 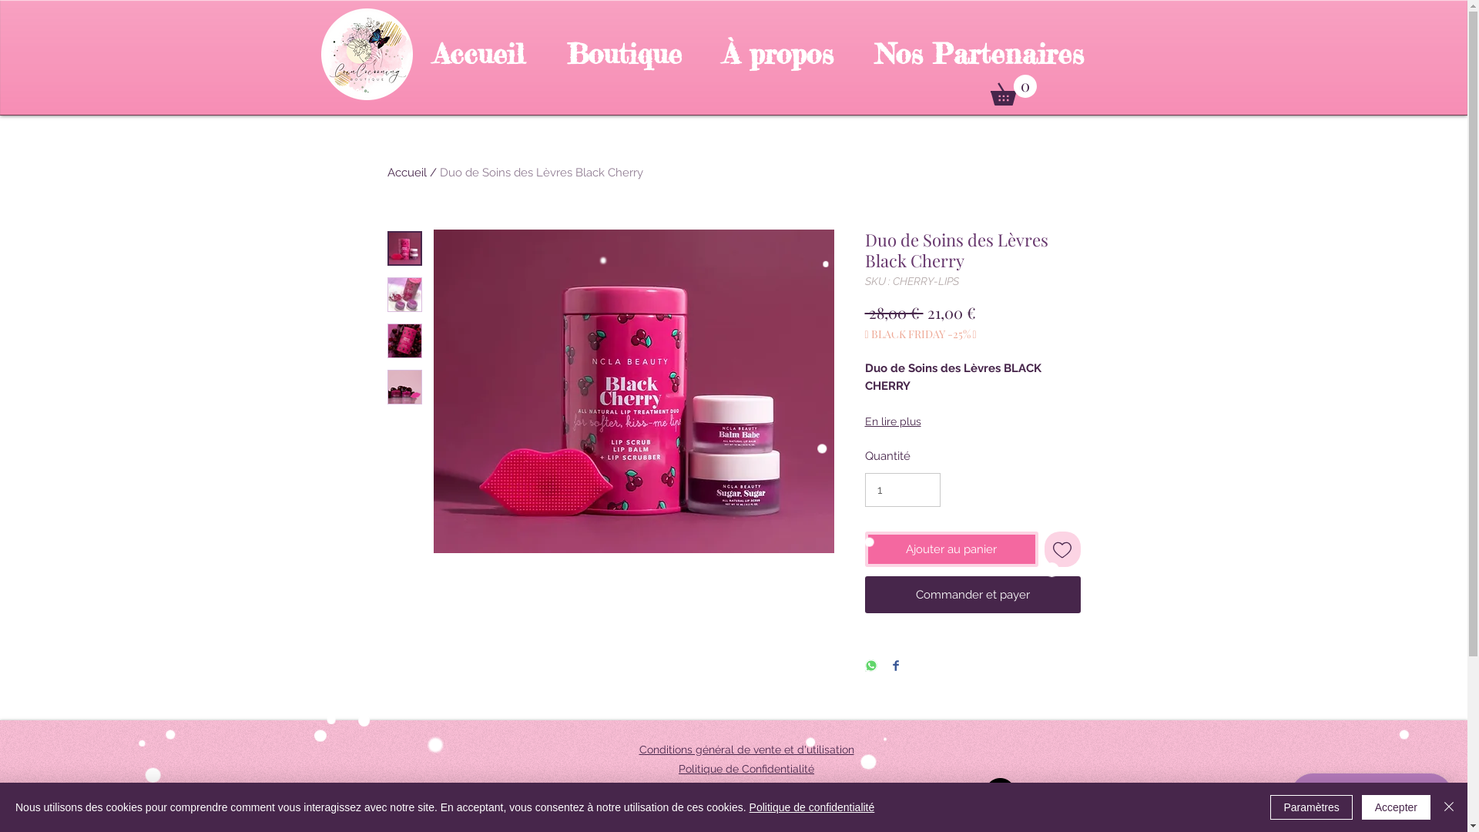 I want to click on 'Ajouter au panier', so click(x=950, y=549).